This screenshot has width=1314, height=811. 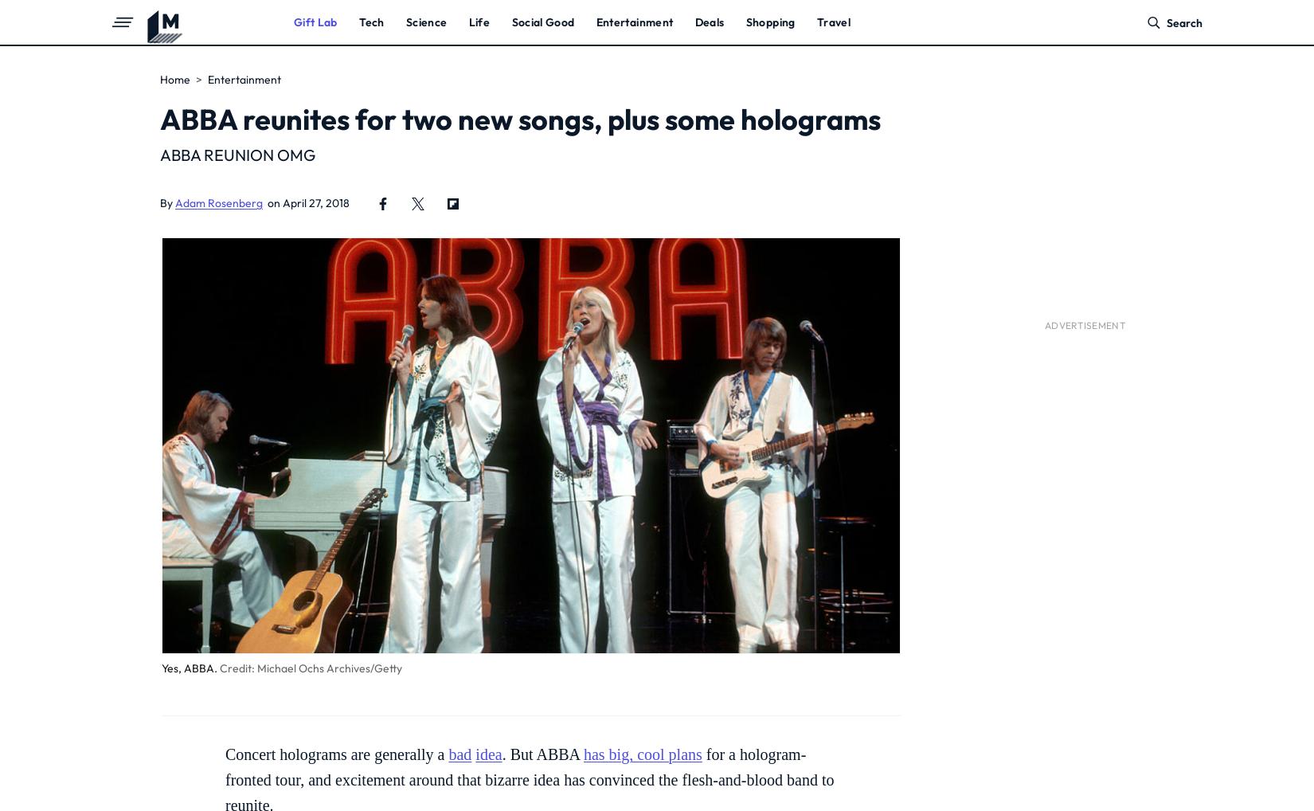 What do you see at coordinates (174, 79) in the screenshot?
I see `'Home'` at bounding box center [174, 79].